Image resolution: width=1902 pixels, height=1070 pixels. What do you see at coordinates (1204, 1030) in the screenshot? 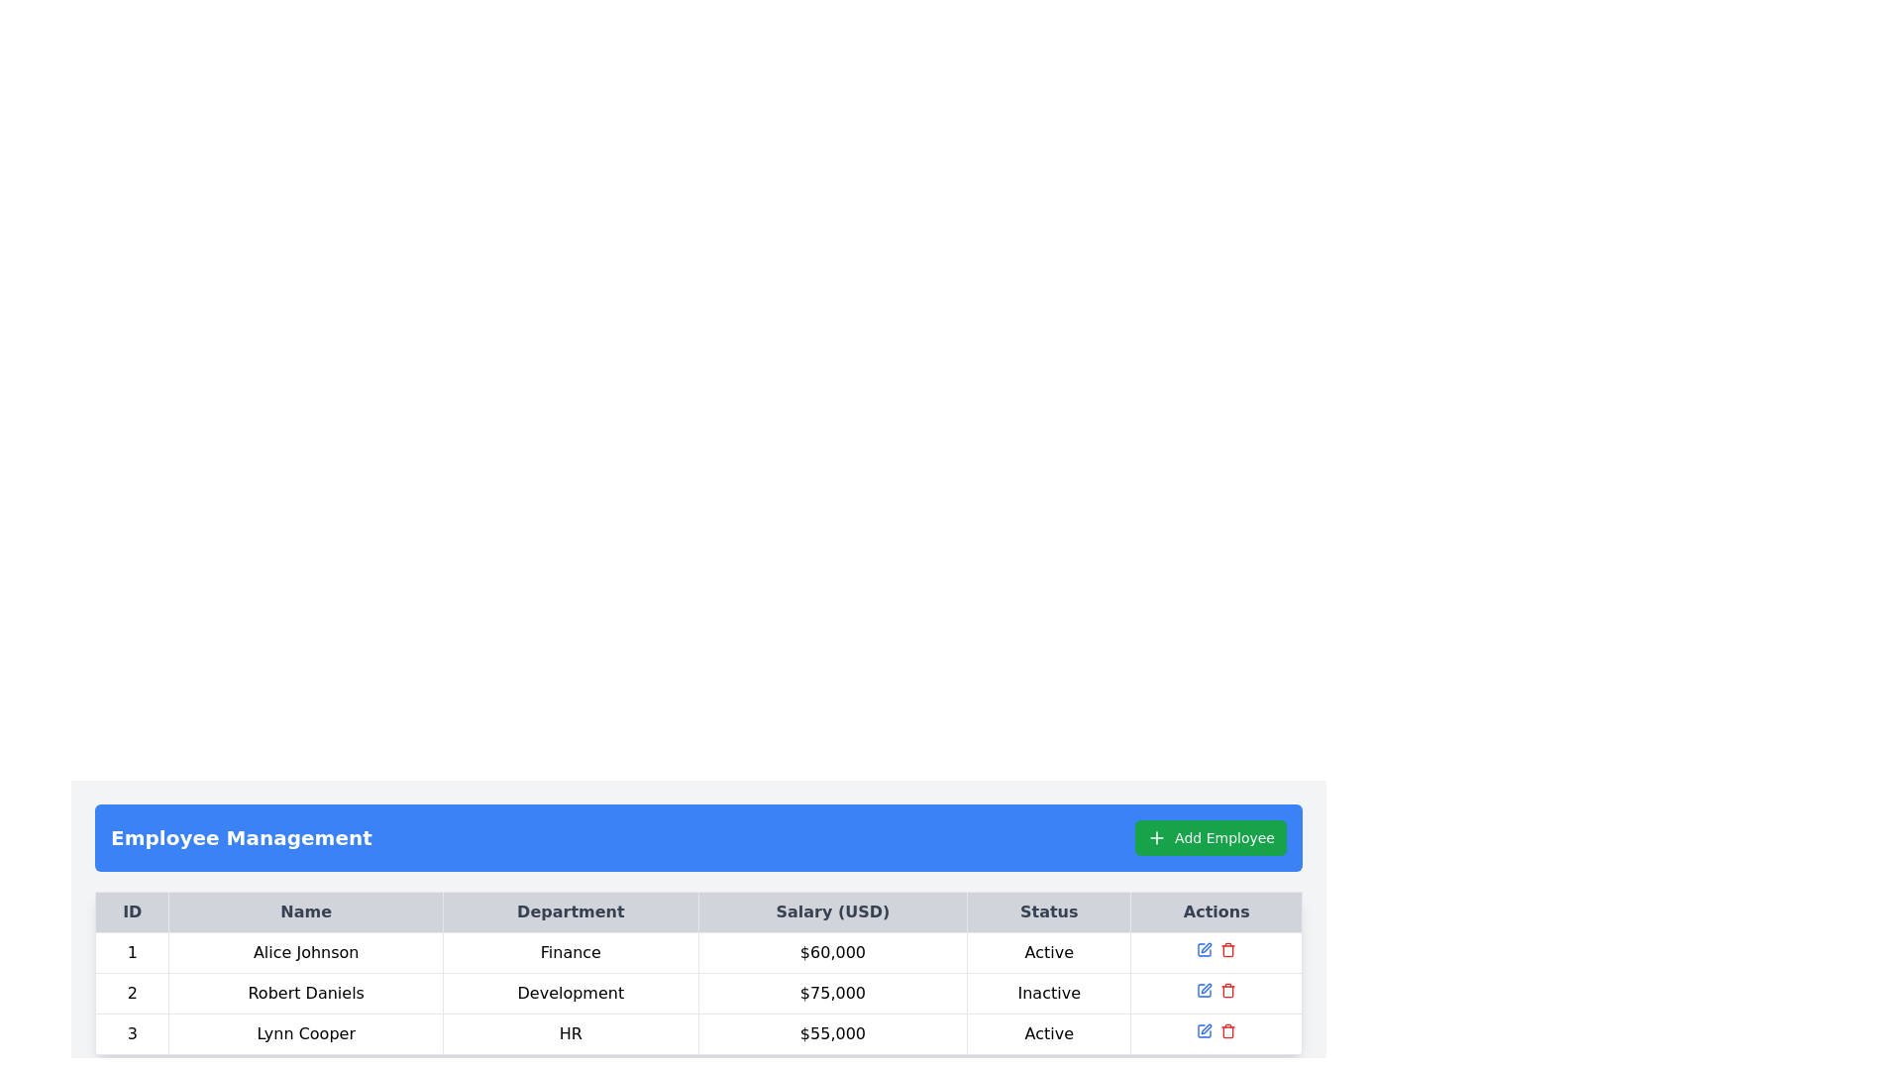
I see `the editing icon, which is a square button with rounded edges and a stylized pen, located in the 'Actions' column of the third row in the 'Employee Management' interface` at bounding box center [1204, 1030].